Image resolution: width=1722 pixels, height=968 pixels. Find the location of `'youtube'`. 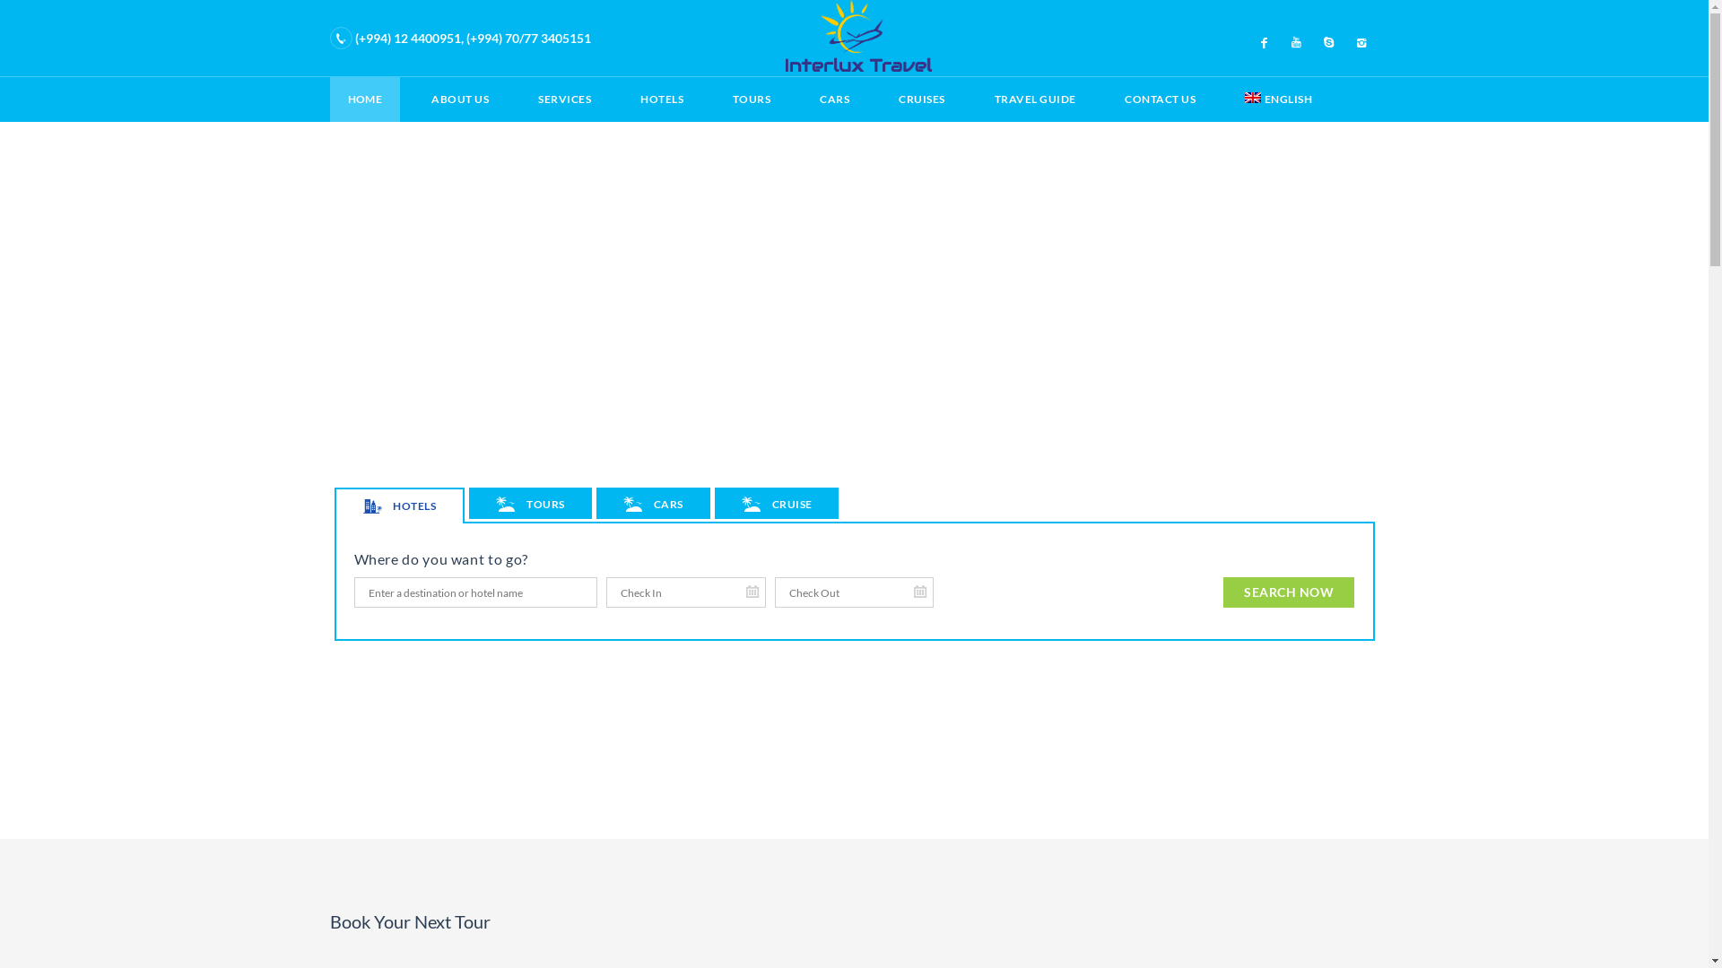

'youtube' is located at coordinates (1296, 40).